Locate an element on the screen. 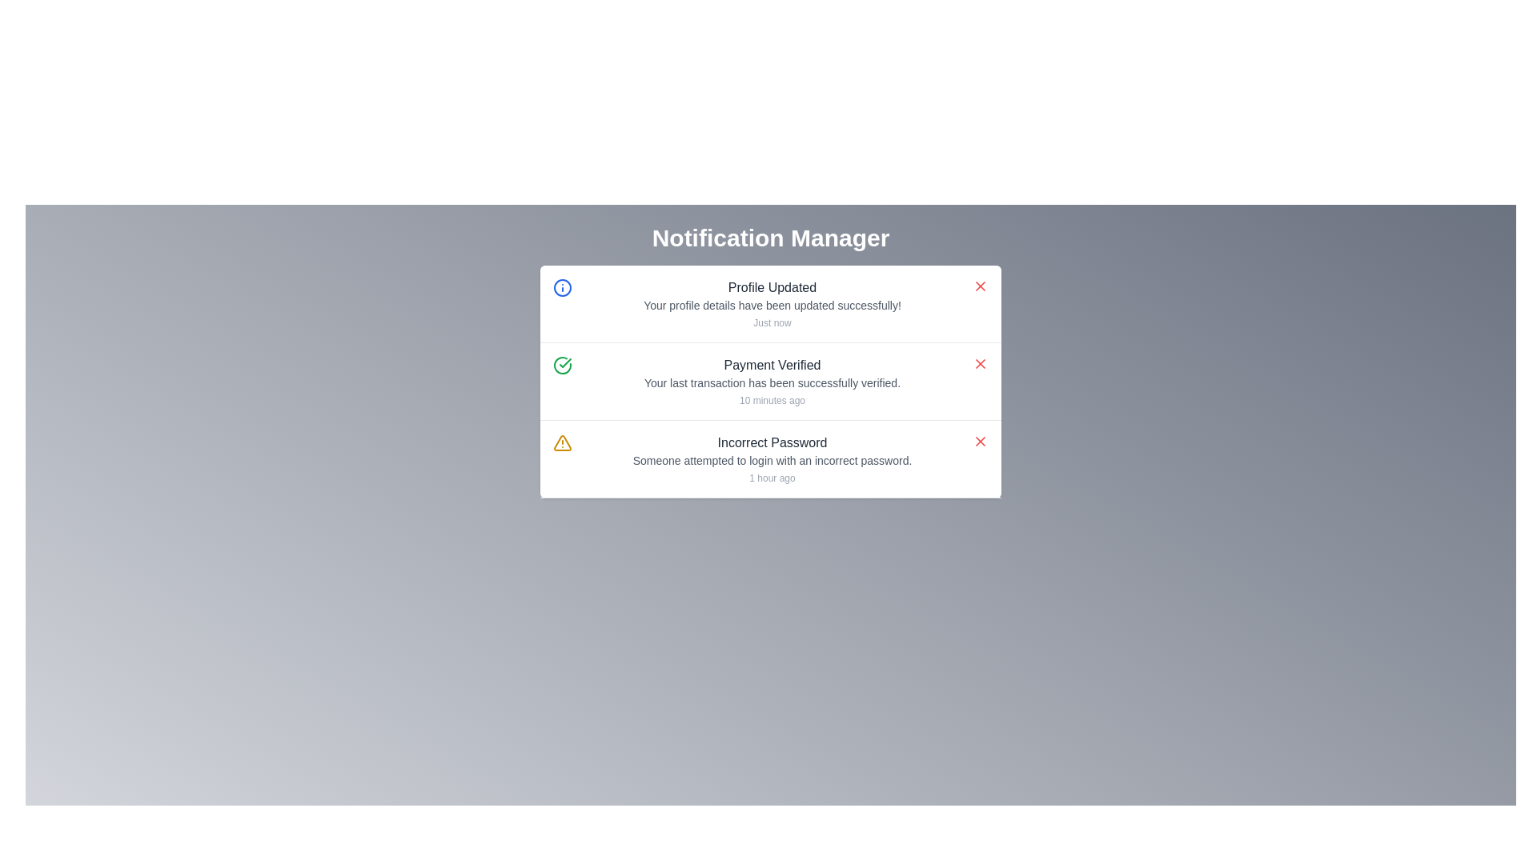 This screenshot has width=1537, height=864. the 'Notification Manager' text heading, which is bold and prominently displayed in white against a dark background, serving as the title for the notifications section is located at coordinates (771, 238).